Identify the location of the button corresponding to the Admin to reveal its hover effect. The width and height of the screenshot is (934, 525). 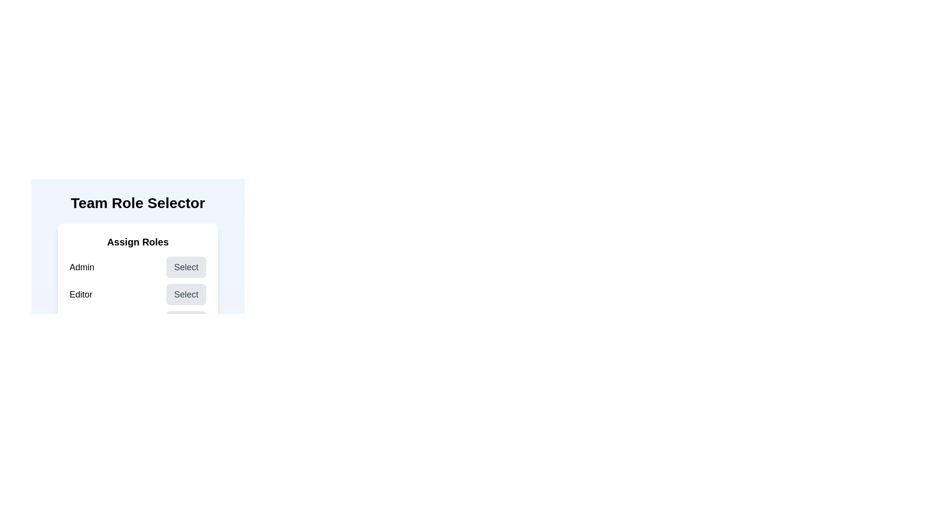
(186, 267).